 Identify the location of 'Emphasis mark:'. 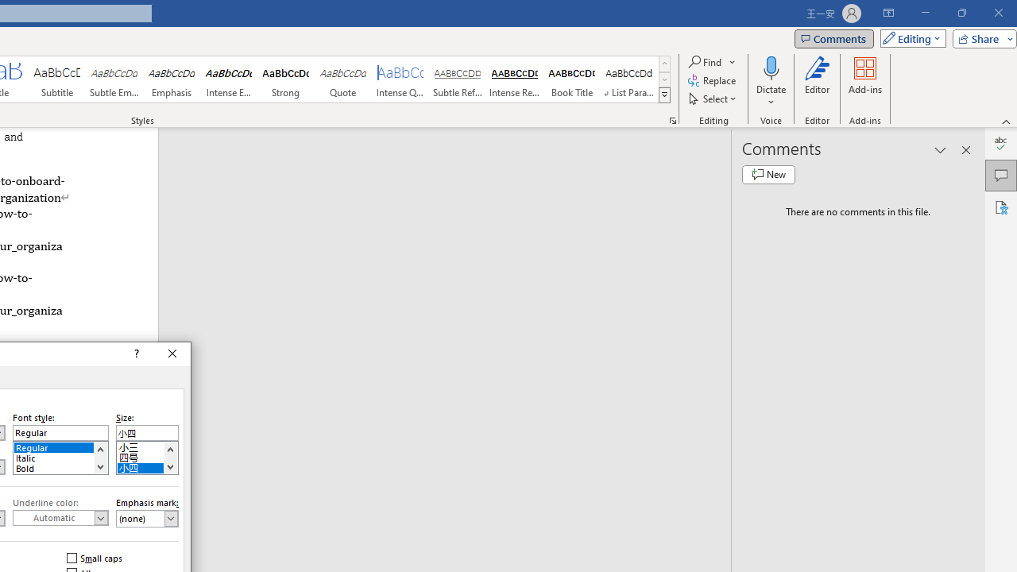
(147, 519).